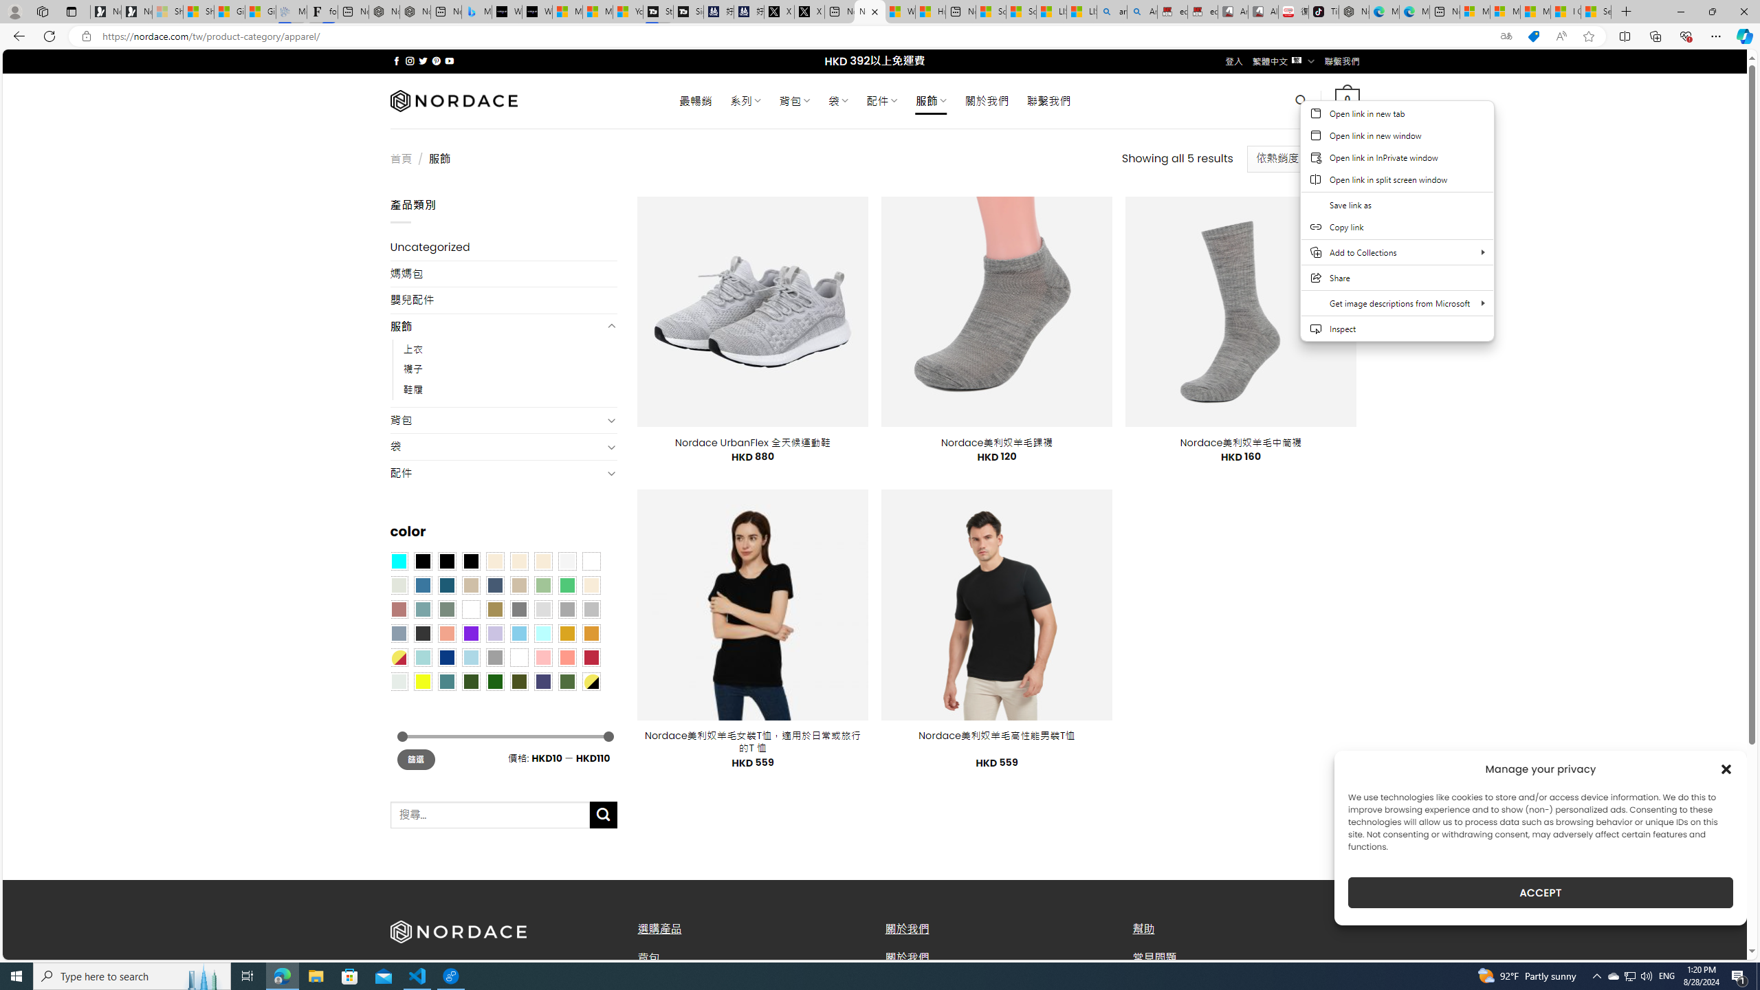 This screenshot has height=990, width=1760. What do you see at coordinates (1396, 135) in the screenshot?
I see `'Open link in new window'` at bounding box center [1396, 135].